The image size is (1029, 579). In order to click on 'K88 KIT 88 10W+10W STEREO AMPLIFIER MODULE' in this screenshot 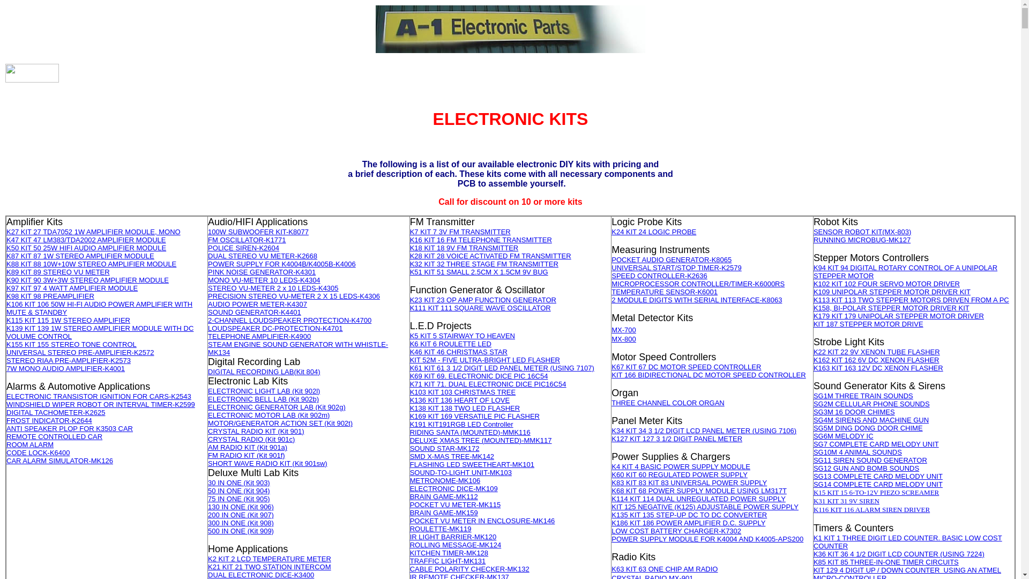, I will do `click(91, 264)`.